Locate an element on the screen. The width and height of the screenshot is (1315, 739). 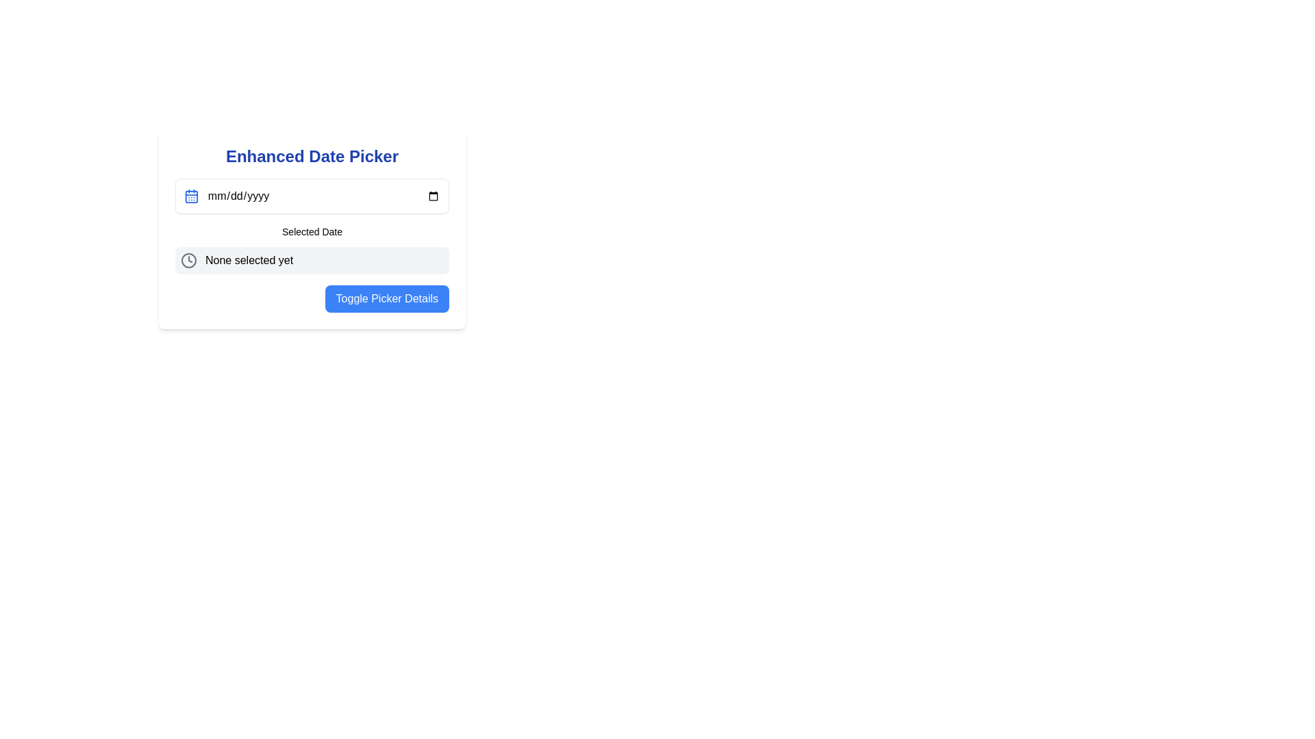
the main rectangular shape of the calendar icon, which is located just below the upper decorations and to the left of the date input field is located at coordinates (190, 196).